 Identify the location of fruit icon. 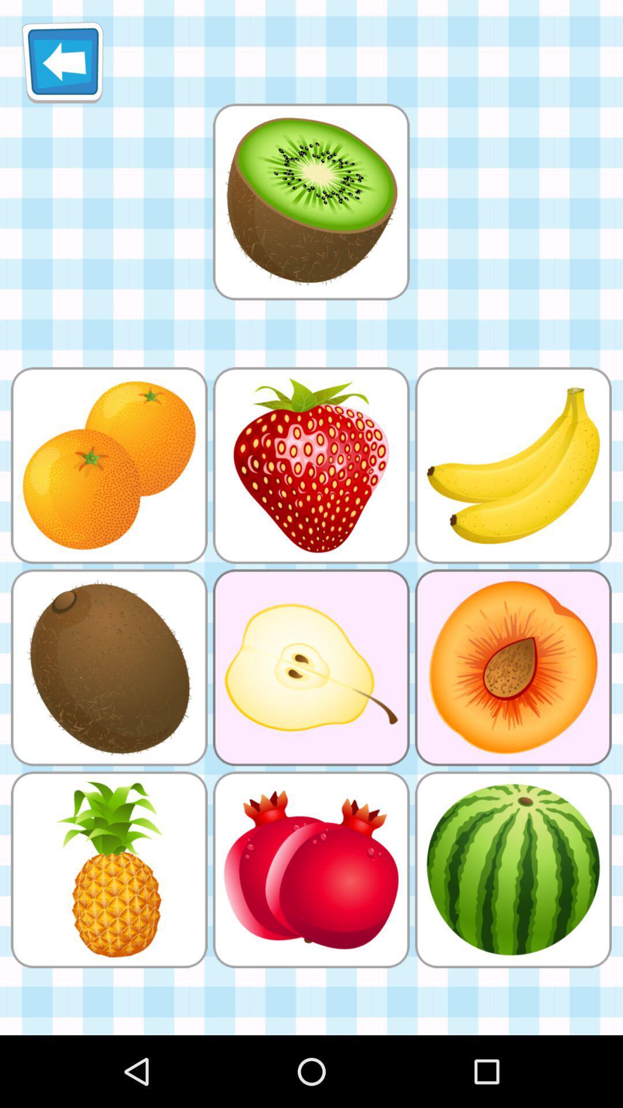
(310, 201).